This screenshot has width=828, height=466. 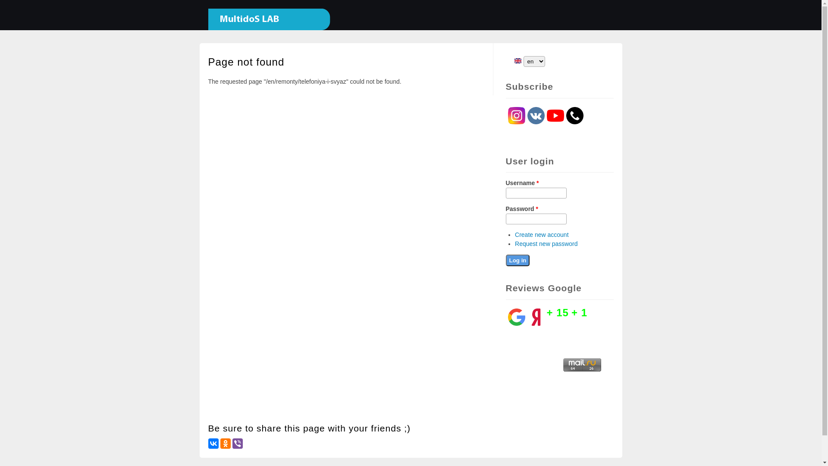 What do you see at coordinates (541, 234) in the screenshot?
I see `'Create new account'` at bounding box center [541, 234].